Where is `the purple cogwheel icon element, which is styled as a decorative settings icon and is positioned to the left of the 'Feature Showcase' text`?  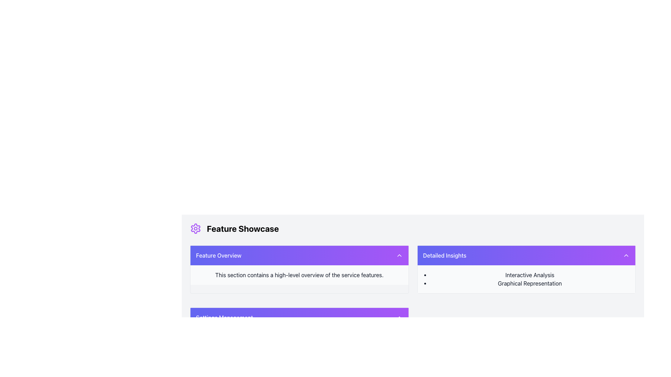
the purple cogwheel icon element, which is styled as a decorative settings icon and is positioned to the left of the 'Feature Showcase' text is located at coordinates (196, 229).